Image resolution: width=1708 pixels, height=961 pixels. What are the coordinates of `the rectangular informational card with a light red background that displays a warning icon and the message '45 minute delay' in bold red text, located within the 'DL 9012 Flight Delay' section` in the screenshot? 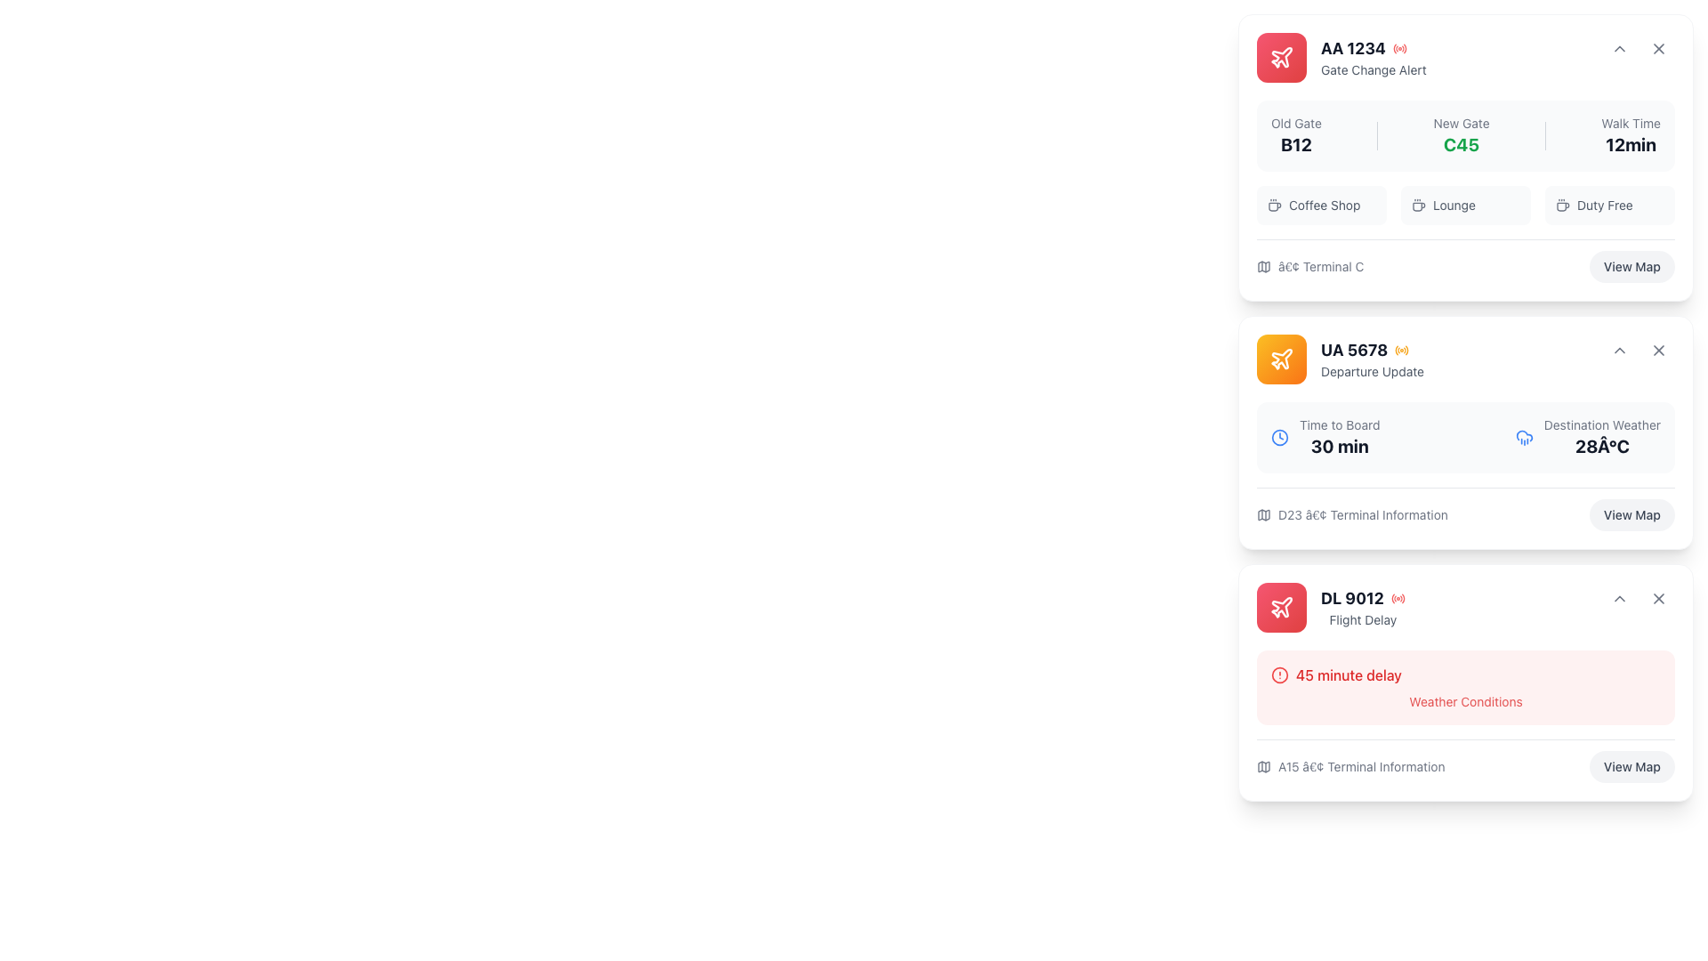 It's located at (1465, 715).